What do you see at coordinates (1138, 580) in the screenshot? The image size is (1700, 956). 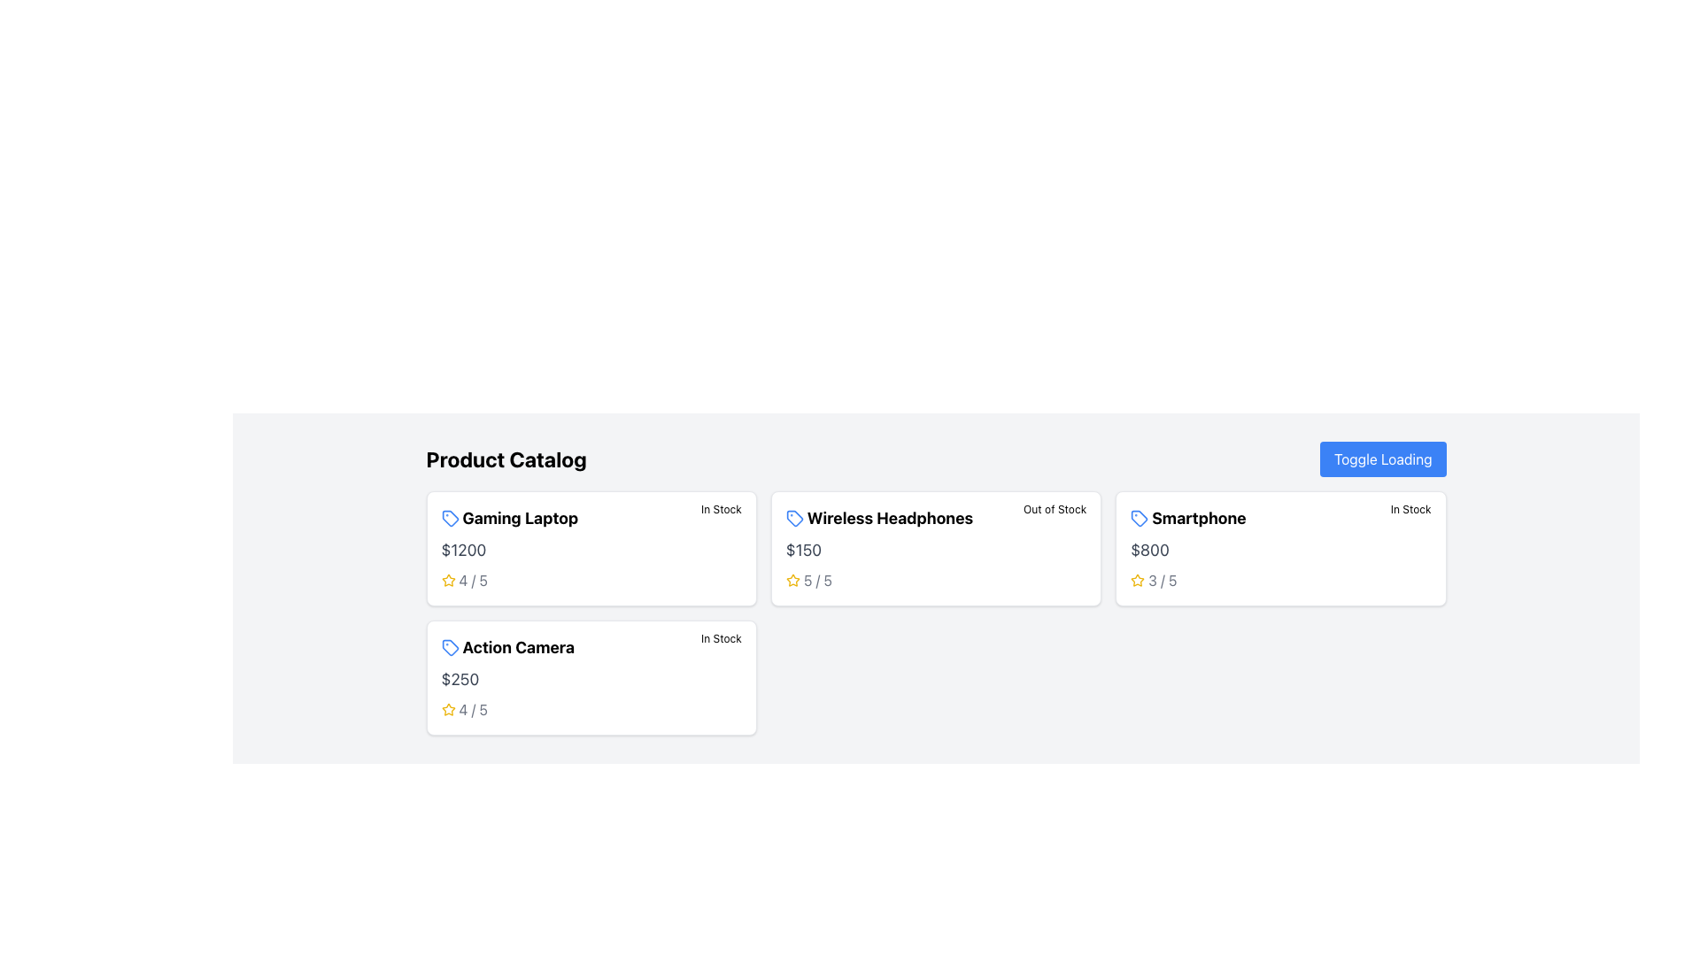 I see `the star icon representing the rating of '3 / 5' for the 'Smartphone' product, located in the fourth product card from the left` at bounding box center [1138, 580].